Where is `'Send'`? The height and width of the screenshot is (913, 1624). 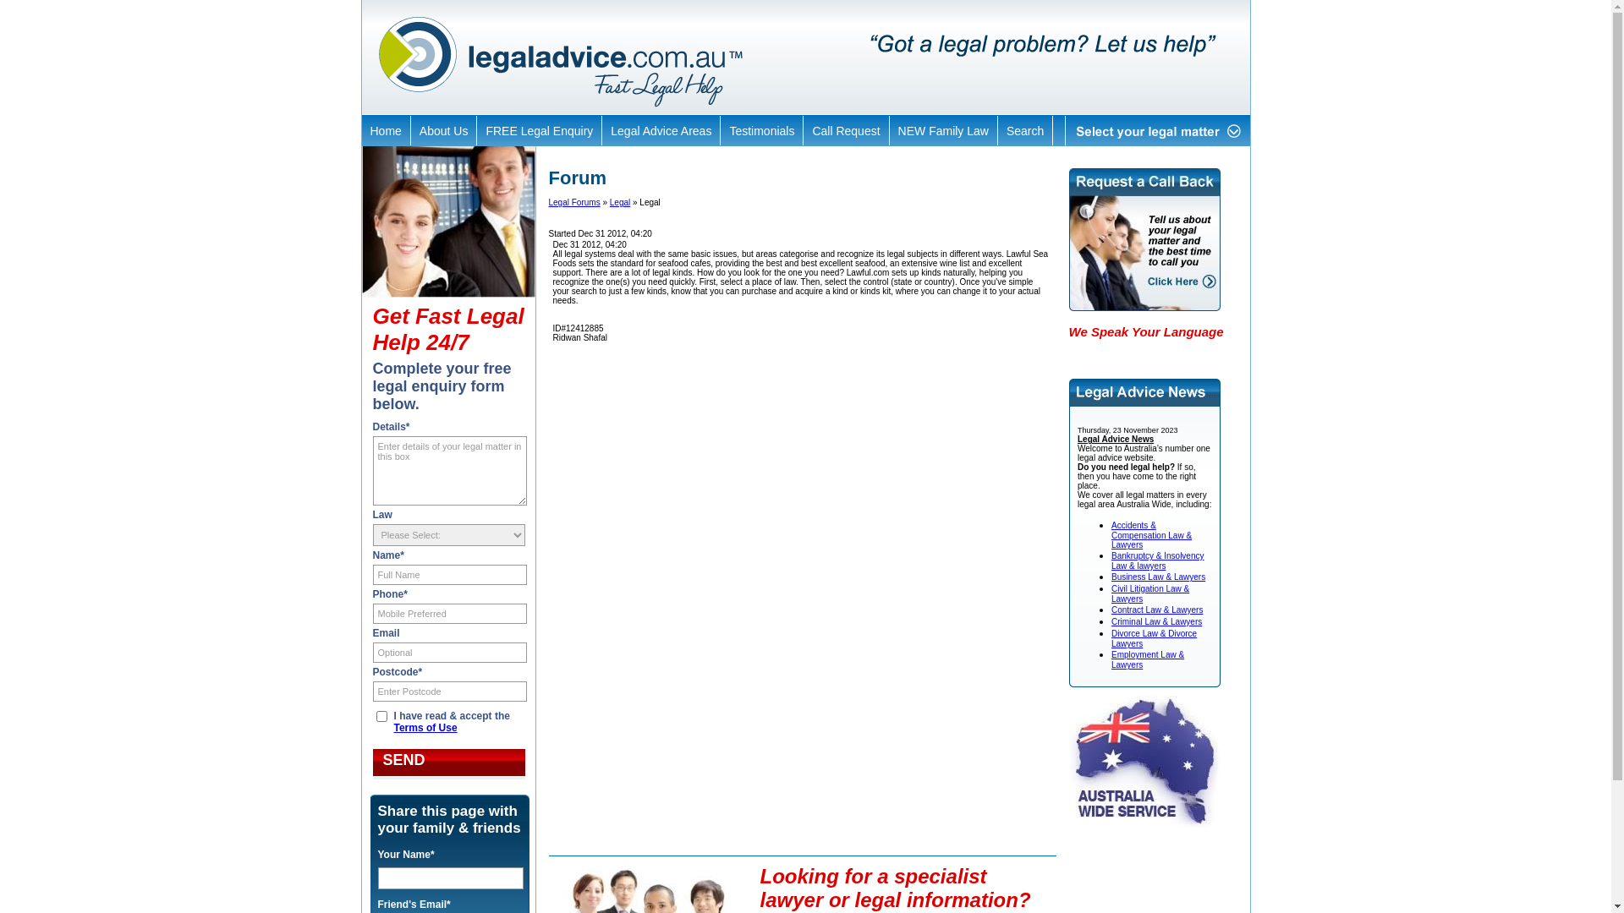
'Send' is located at coordinates (447, 763).